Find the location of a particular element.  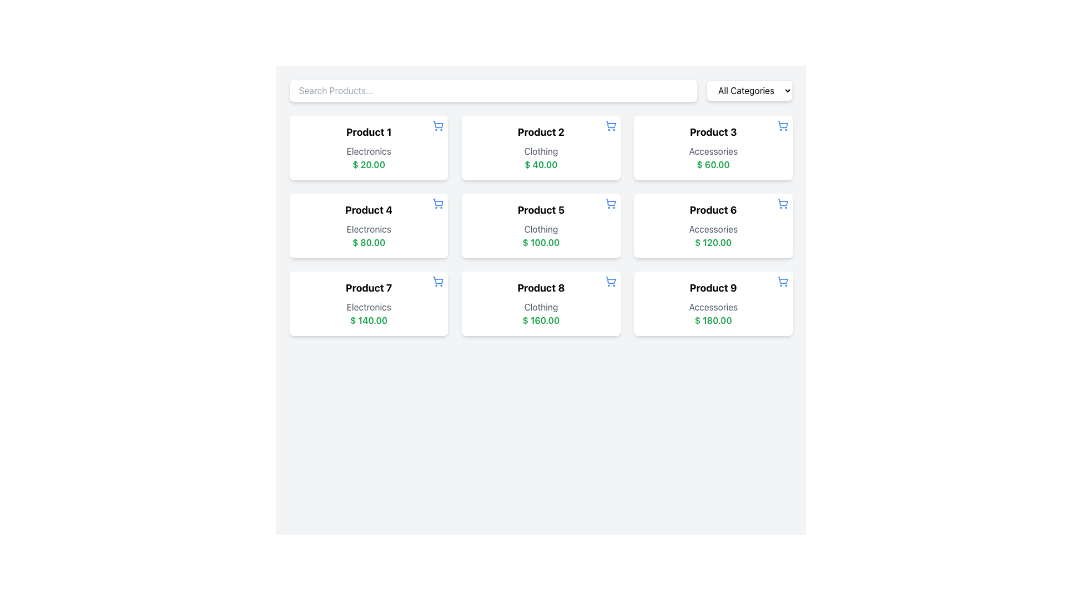

text content of the 'Clothing' label, which is styled in gray and positioned beneath the 'Product 8' label in a product card is located at coordinates (541, 307).